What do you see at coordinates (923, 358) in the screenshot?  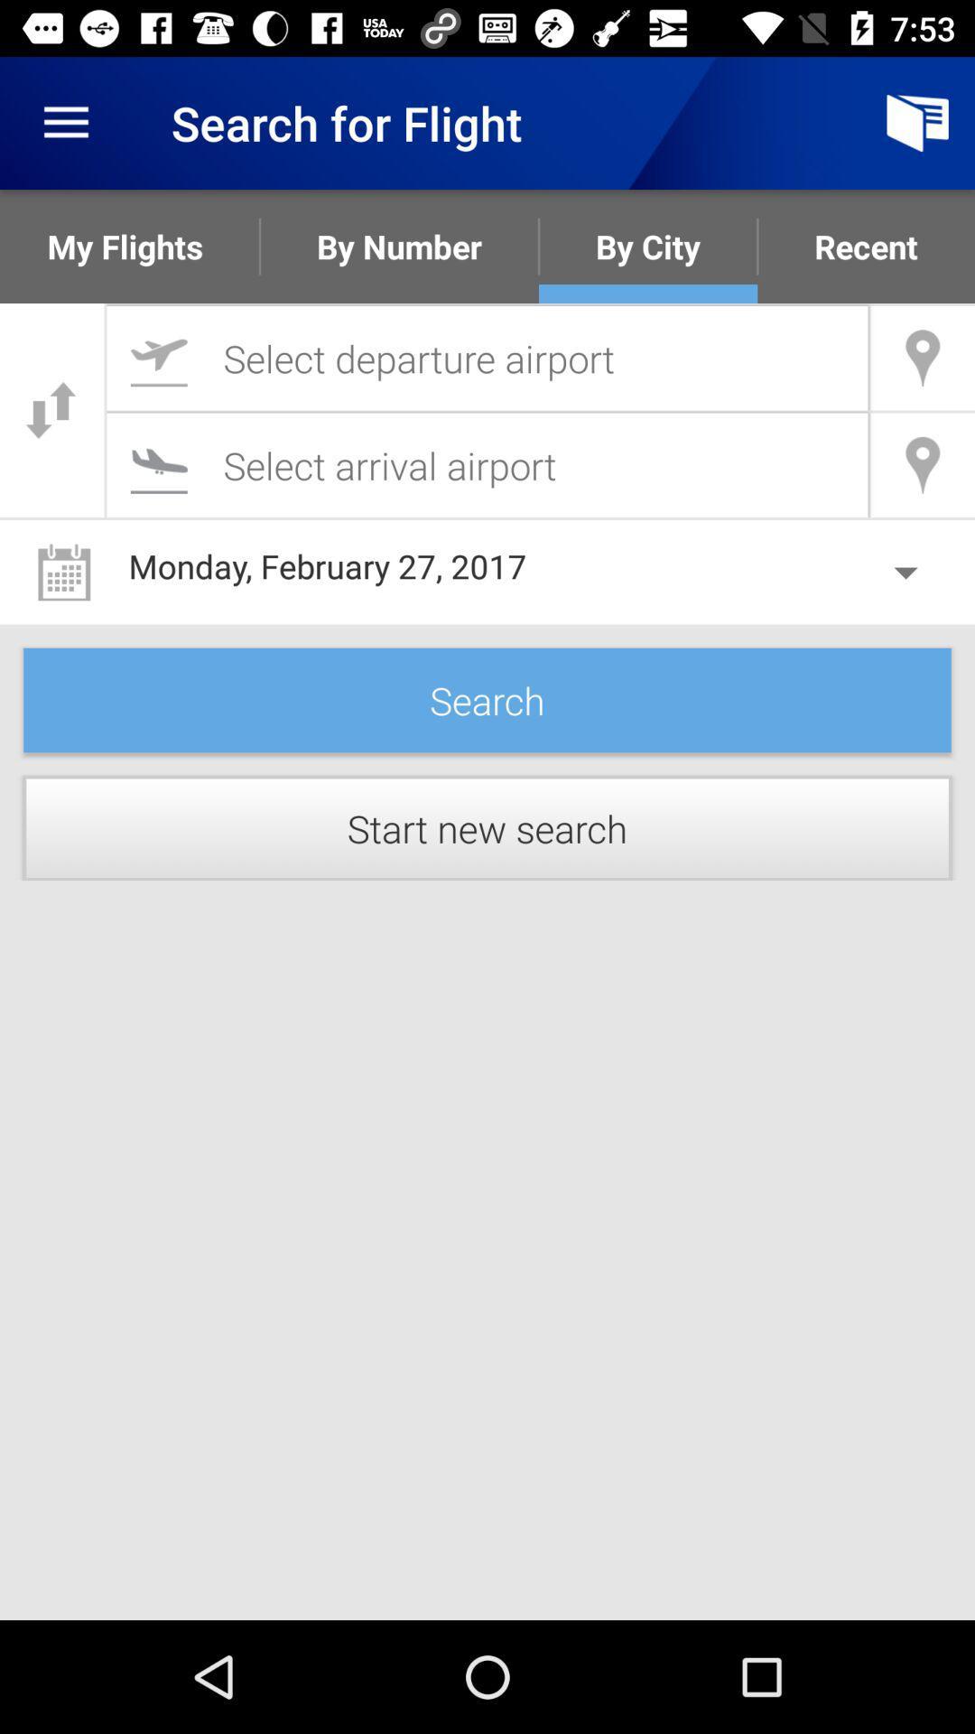 I see `the location icon` at bounding box center [923, 358].